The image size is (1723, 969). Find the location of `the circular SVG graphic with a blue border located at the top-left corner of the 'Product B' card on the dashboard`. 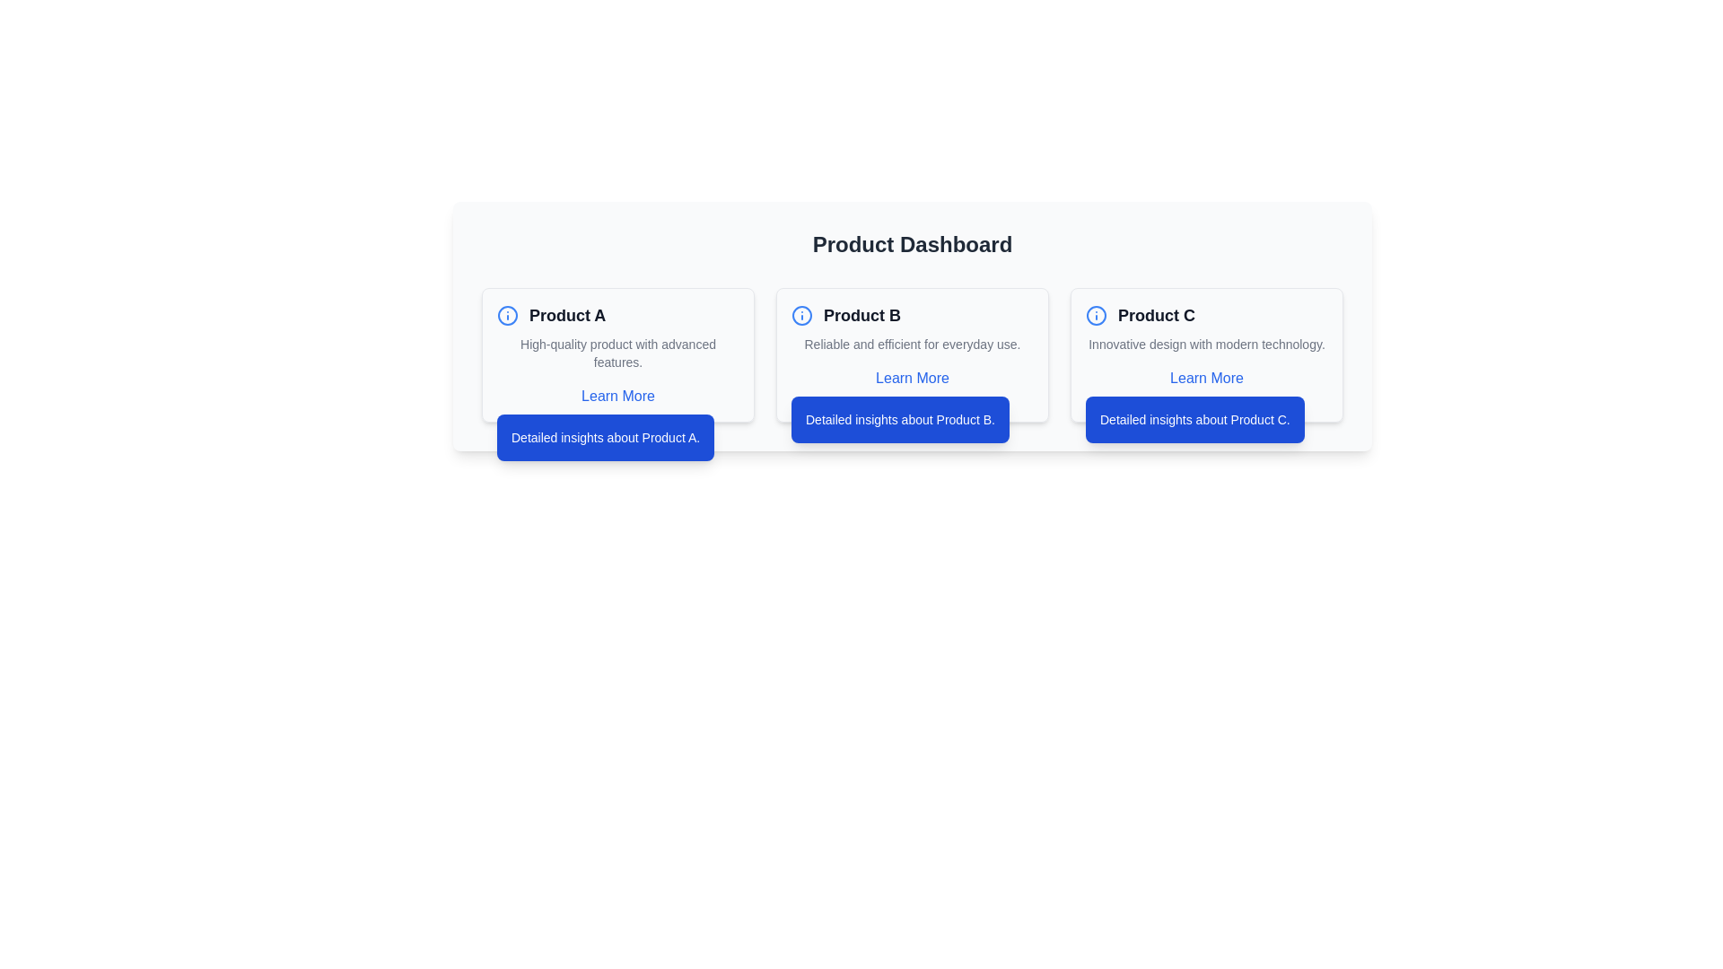

the circular SVG graphic with a blue border located at the top-left corner of the 'Product B' card on the dashboard is located at coordinates (800, 314).